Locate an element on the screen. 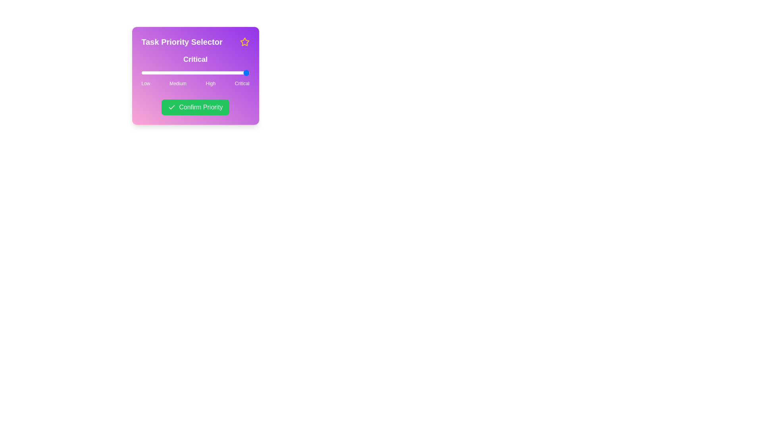 The image size is (762, 428). the 'High' priority level text label in the task priority selector interface, which is the third element in a sequence of four priority indicators is located at coordinates (210, 84).